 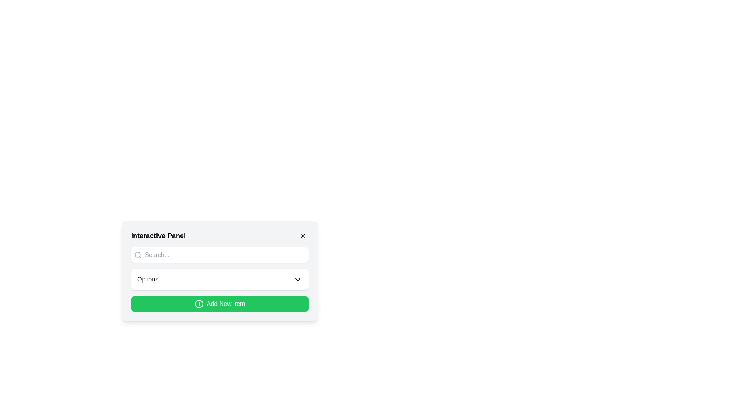 I want to click on the close button styled as a small square with rounded corners, featuring an 'X' icon, located at the top-right corner of the 'Interactive Panel', so click(x=302, y=236).